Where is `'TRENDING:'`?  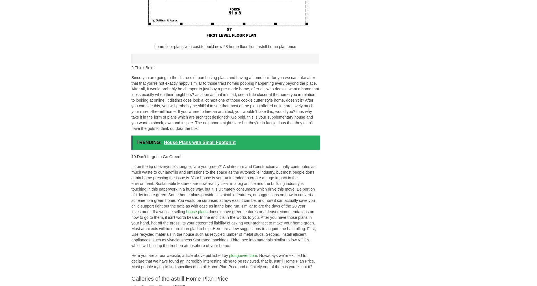
'TRENDING:' is located at coordinates (149, 142).